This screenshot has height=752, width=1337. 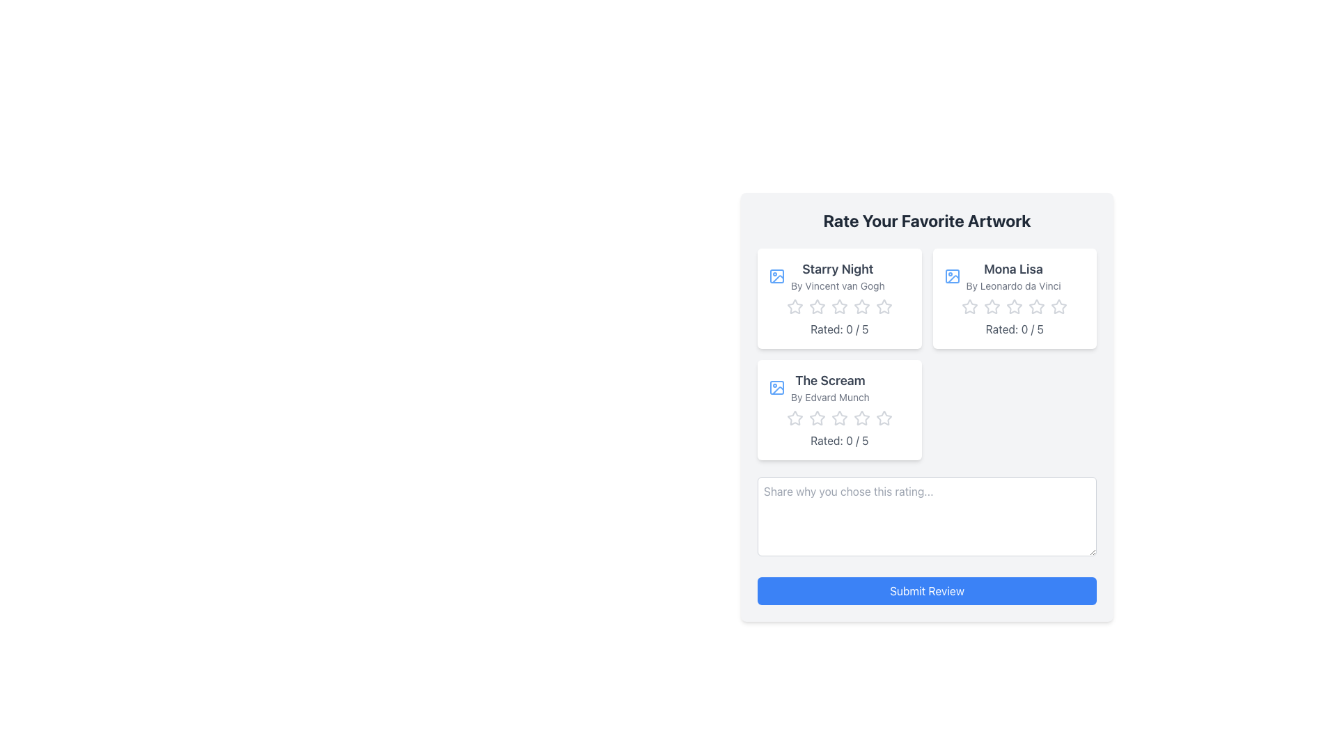 I want to click on the text input area for sharing thoughts regarding a rating, so click(x=927, y=516).